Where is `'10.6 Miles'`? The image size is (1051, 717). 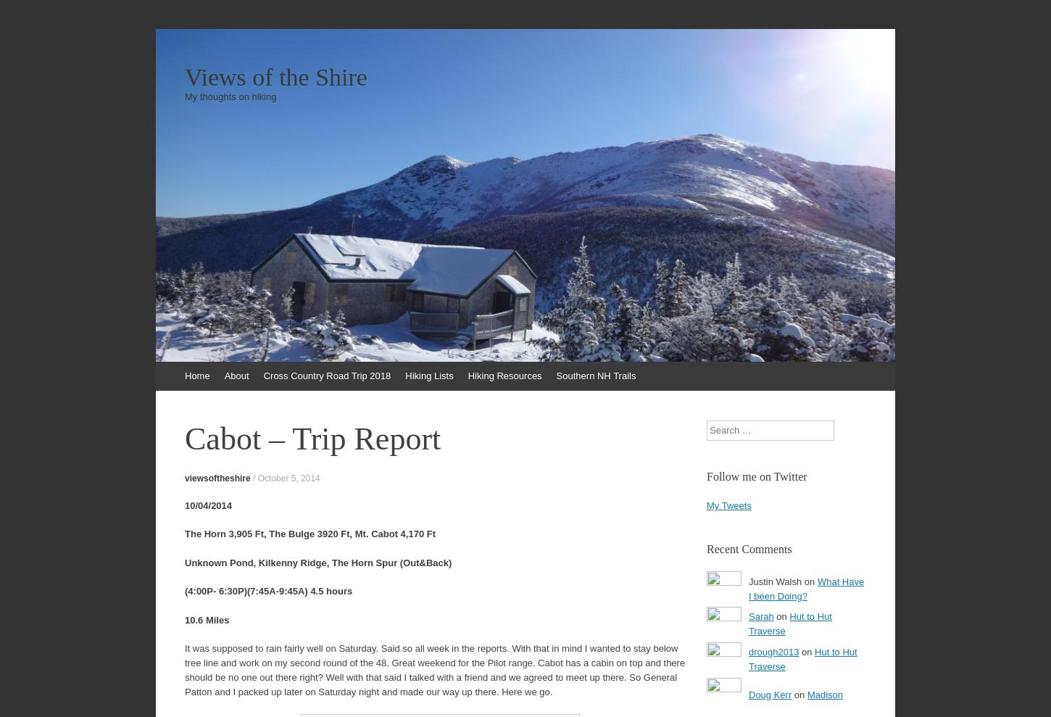
'10.6 Miles' is located at coordinates (207, 619).